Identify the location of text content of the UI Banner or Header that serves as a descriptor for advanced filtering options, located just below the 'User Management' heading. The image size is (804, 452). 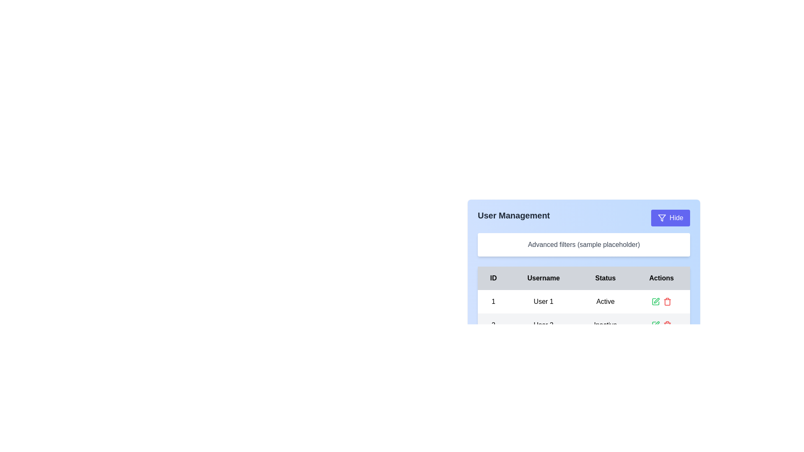
(583, 256).